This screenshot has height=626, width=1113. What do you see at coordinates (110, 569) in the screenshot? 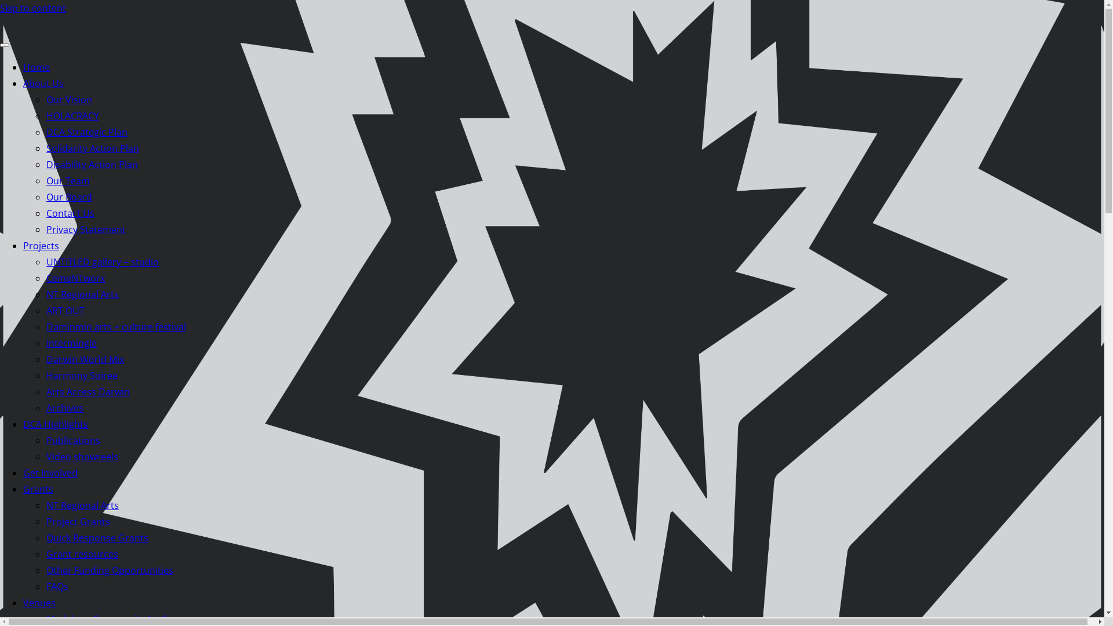
I see `'Other Funding Opportunities'` at bounding box center [110, 569].